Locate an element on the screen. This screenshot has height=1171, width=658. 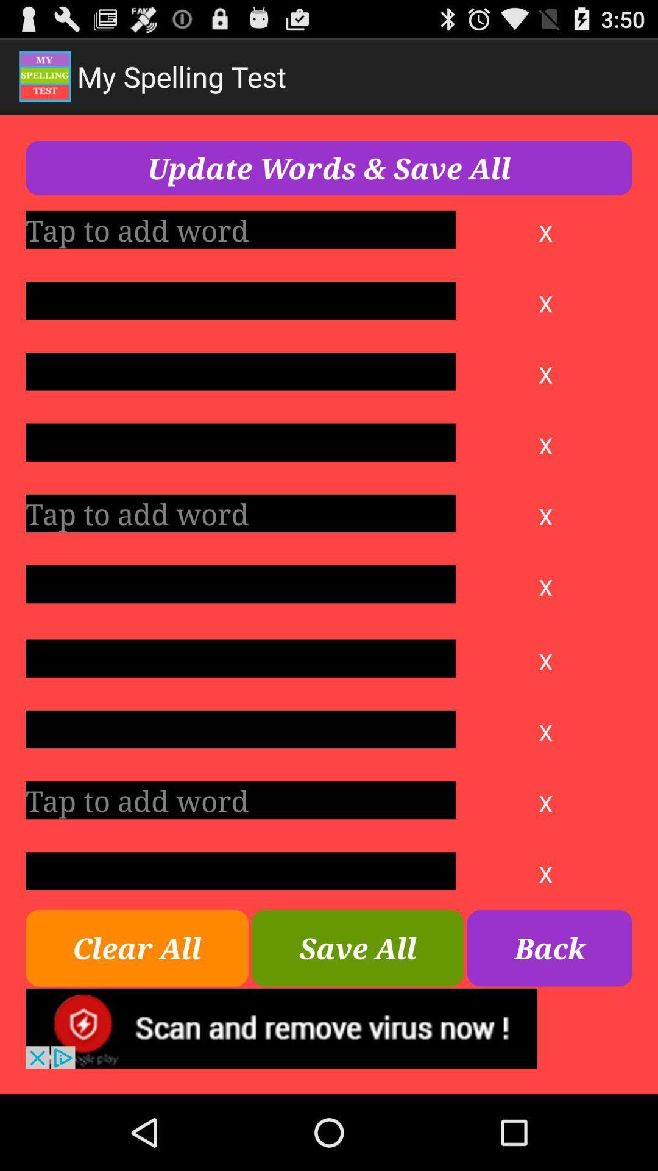
just select option is located at coordinates (240, 301).